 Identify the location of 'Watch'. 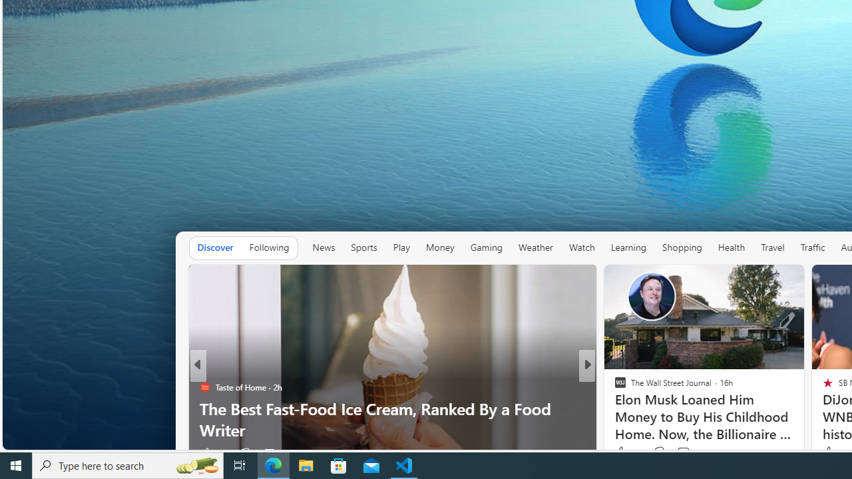
(582, 247).